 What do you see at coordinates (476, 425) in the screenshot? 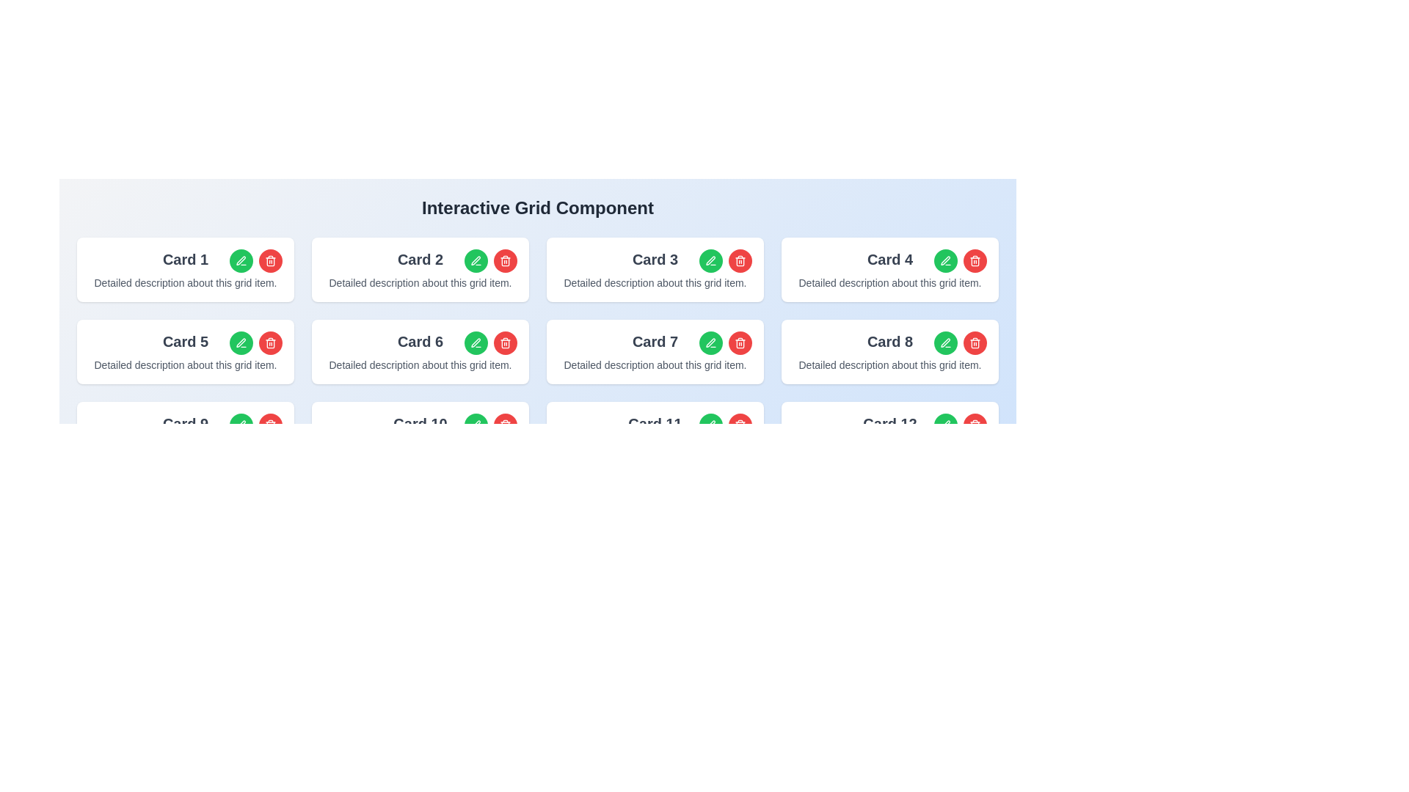
I see `the green circular edit button with a pen icon located in 'Card 6', second row and third column of the grid layout to initiate editing` at bounding box center [476, 425].